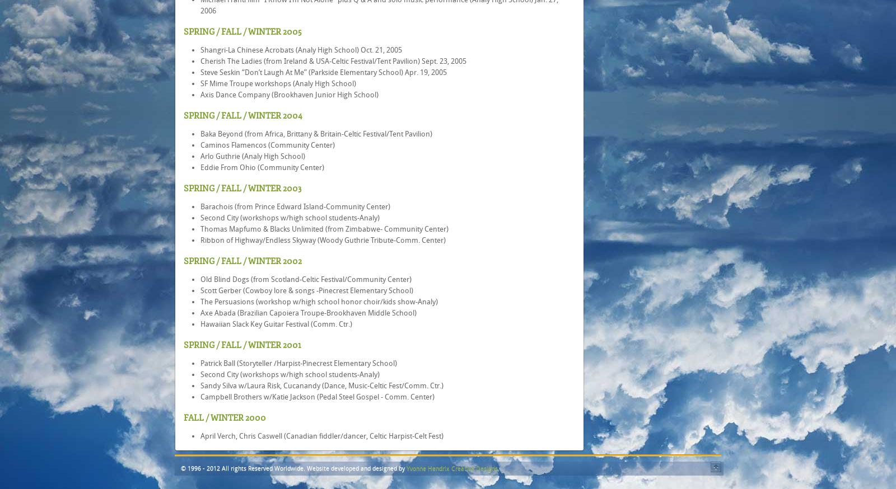 Image resolution: width=896 pixels, height=489 pixels. Describe the element at coordinates (262, 167) in the screenshot. I see `'Eddie From Ohio (Community Center)'` at that location.